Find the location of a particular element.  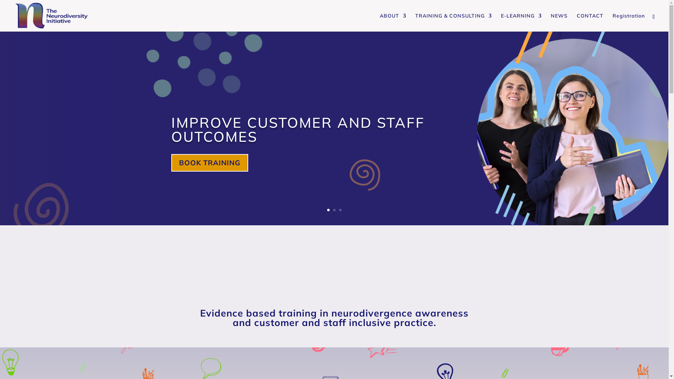

'CONTACT' is located at coordinates (590, 22).